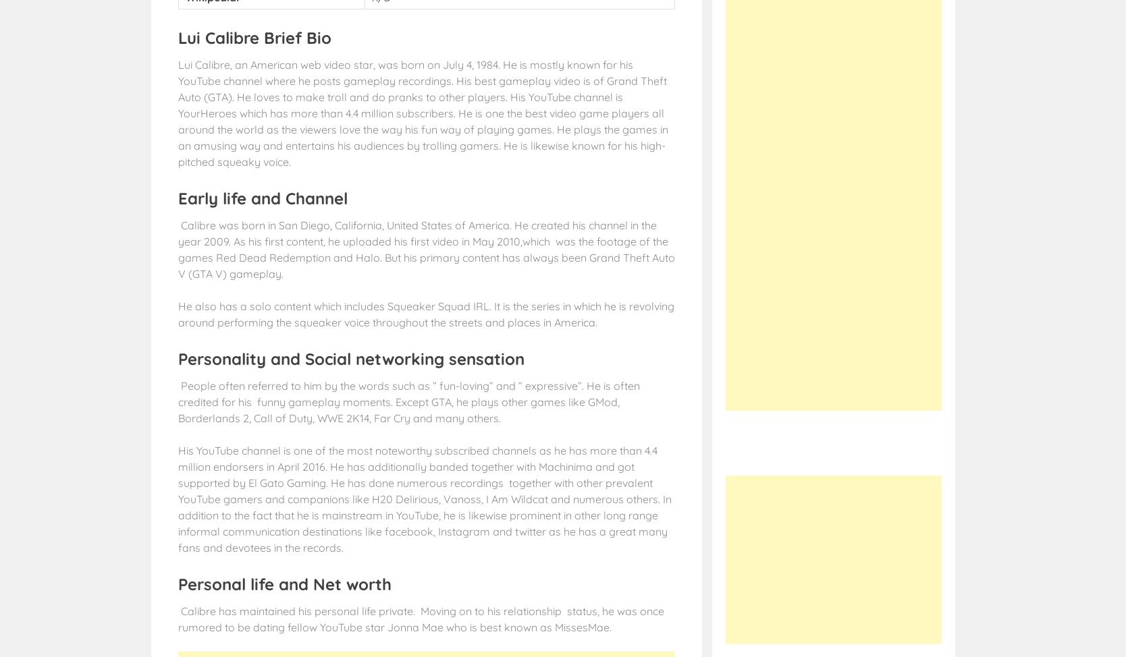 The image size is (1126, 657). Describe the element at coordinates (424, 497) in the screenshot. I see `'His YouTube channel is one of the most noteworthy subscribed channels as he has more than 4.4 million endorsers in April 2016. He has additionally banded together with Machinima and got supported by El Gato Gaming. He has done numerous recordings  together with other prevalent YouTube gamers and companions like H20 Delirious, Vanoss, I Am Wildcat and numerous others. In addition to the fact that he is mainstream in YouTube, he is likewise prominent in other long range informal communication destinations like facebook, Instagram and twitter as he has a great many fans and devotees in the records.'` at that location.